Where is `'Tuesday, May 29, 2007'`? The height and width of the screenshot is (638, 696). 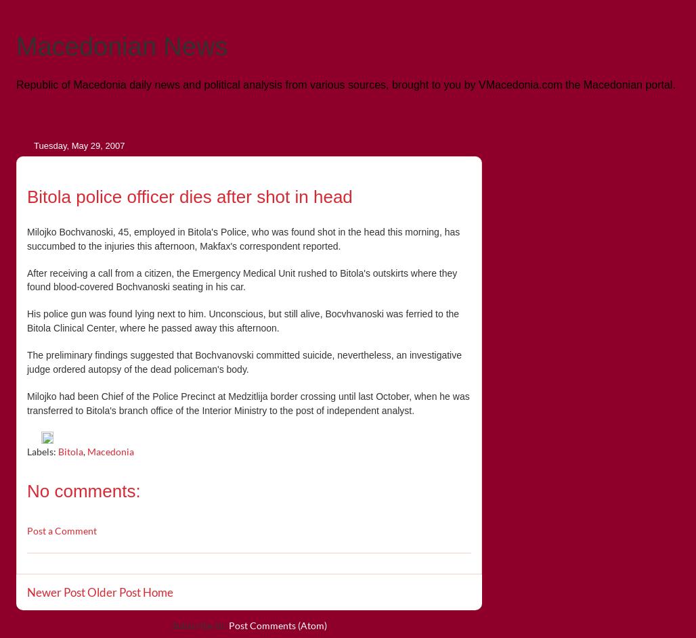 'Tuesday, May 29, 2007' is located at coordinates (78, 145).